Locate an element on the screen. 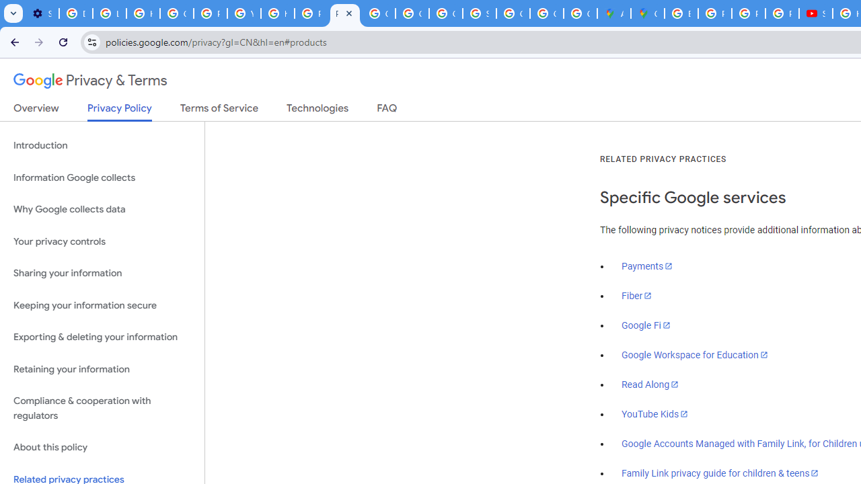  'Google Fi' is located at coordinates (646, 325).